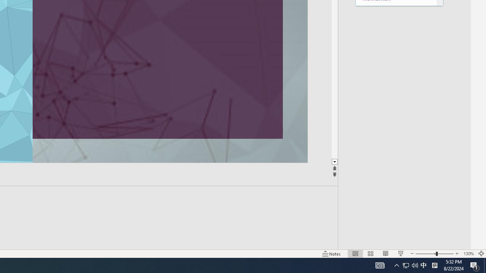  What do you see at coordinates (468, 254) in the screenshot?
I see `'Zoom 130%'` at bounding box center [468, 254].